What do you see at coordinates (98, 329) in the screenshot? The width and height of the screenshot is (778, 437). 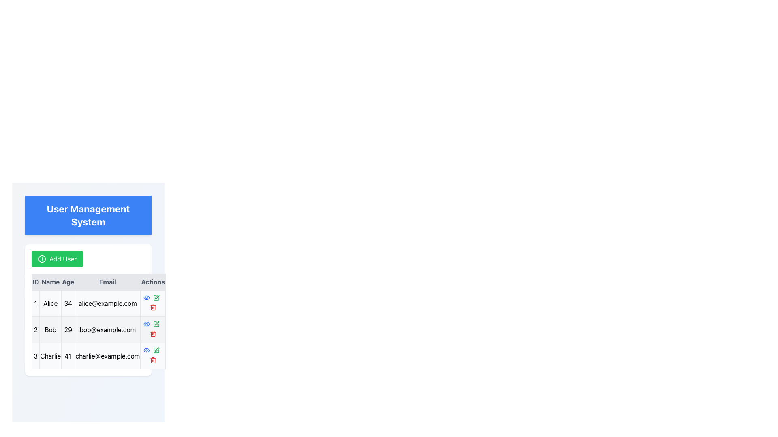 I see `the second row of the user data table that displays details for Bob, located below the header and above Charlie` at bounding box center [98, 329].